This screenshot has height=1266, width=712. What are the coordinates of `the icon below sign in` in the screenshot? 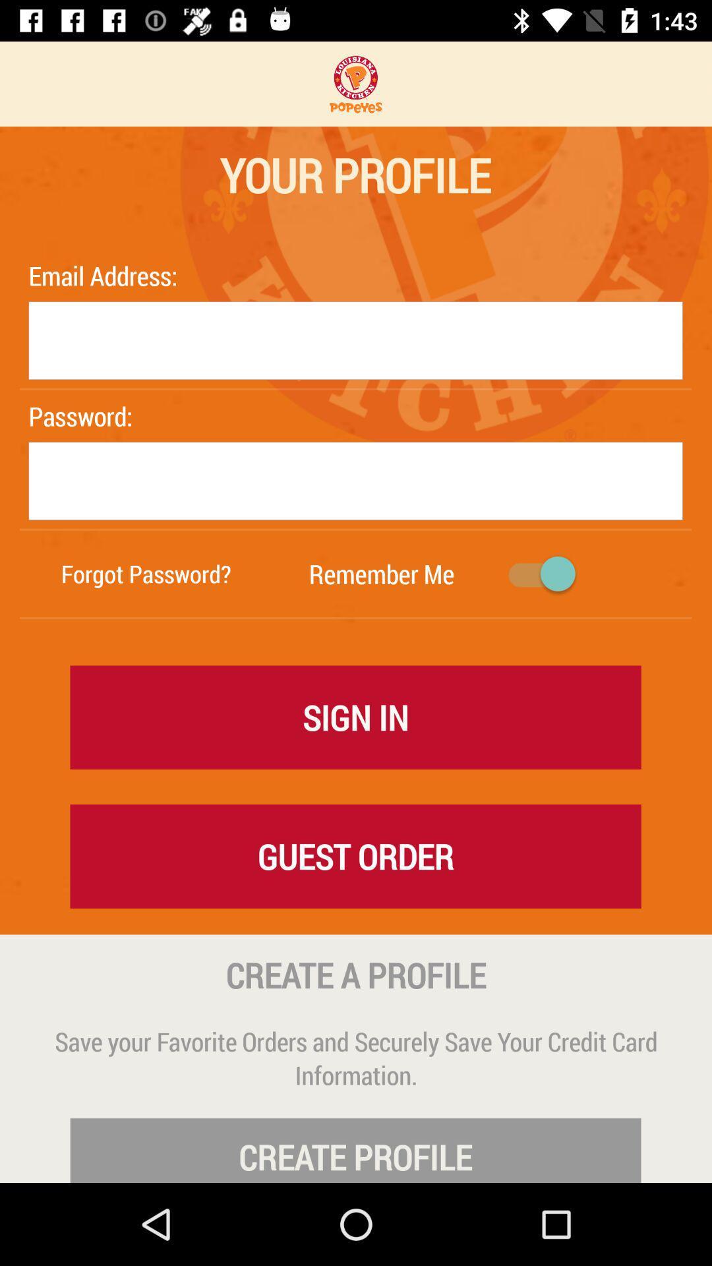 It's located at (355, 856).